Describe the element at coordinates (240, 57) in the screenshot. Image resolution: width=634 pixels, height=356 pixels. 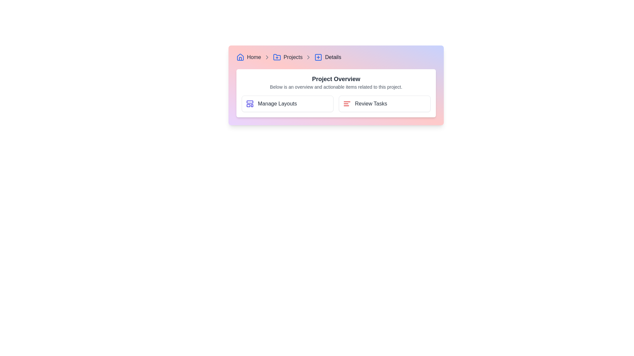
I see `the house symbol icon in the breadcrumb navigation bar located at the top-left corner of the interface to interpret it as contextual information` at that location.